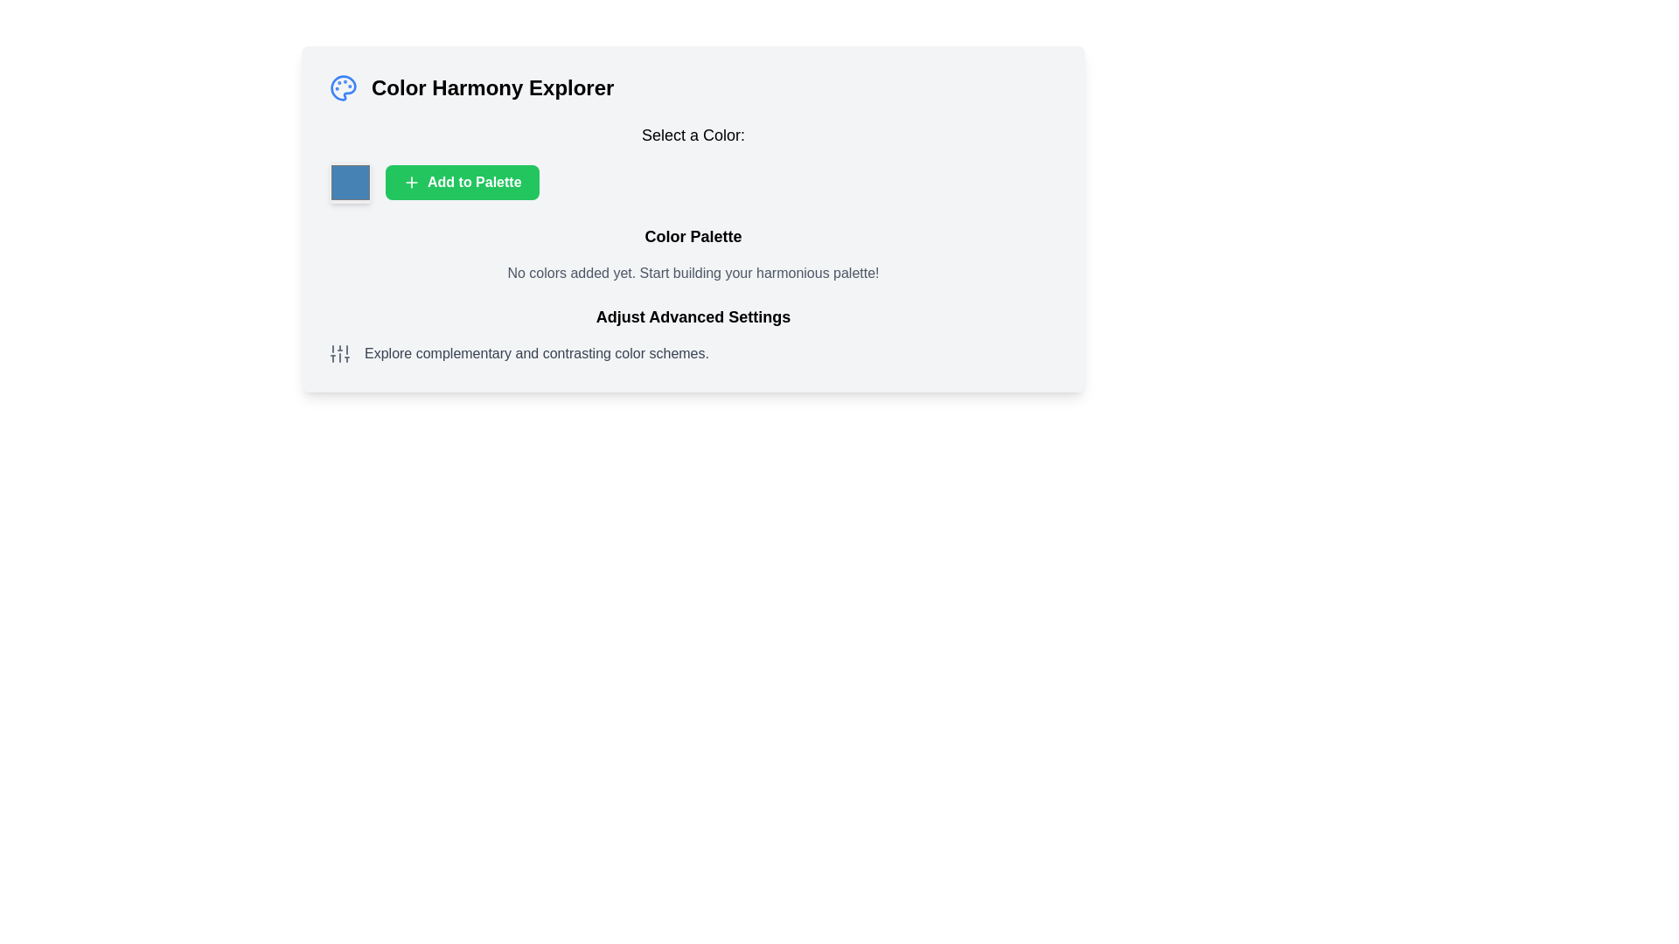 Image resolution: width=1679 pixels, height=944 pixels. What do you see at coordinates (339, 354) in the screenshot?
I see `the icon located in the lower-left corner of the visible area, preceding the text 'Explore complementary and contrasting color schemes.'` at bounding box center [339, 354].